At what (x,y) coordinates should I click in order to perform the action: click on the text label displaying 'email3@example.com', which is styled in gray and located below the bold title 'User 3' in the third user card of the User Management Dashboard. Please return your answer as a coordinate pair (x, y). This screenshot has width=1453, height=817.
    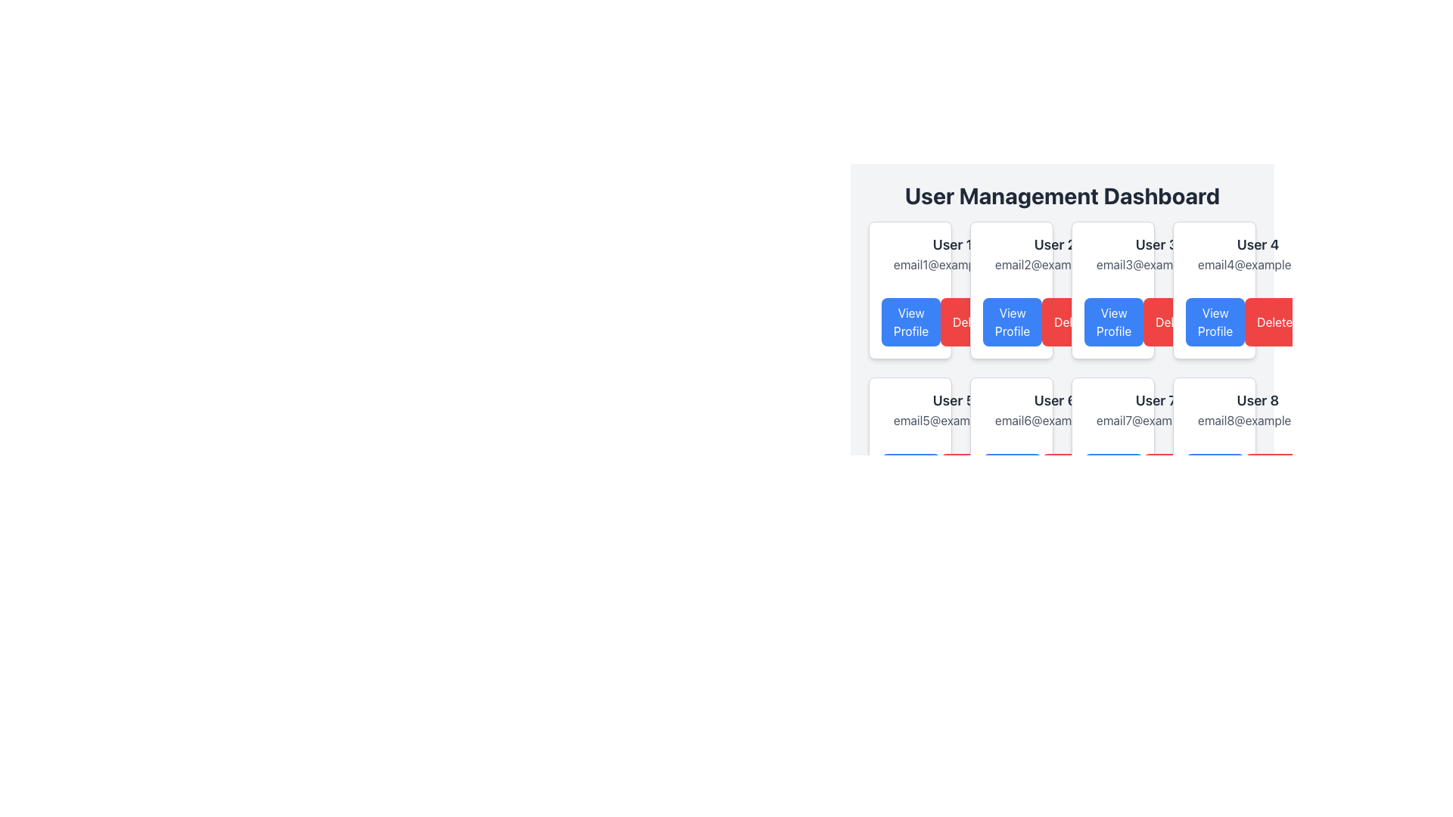
    Looking at the image, I should click on (1156, 264).